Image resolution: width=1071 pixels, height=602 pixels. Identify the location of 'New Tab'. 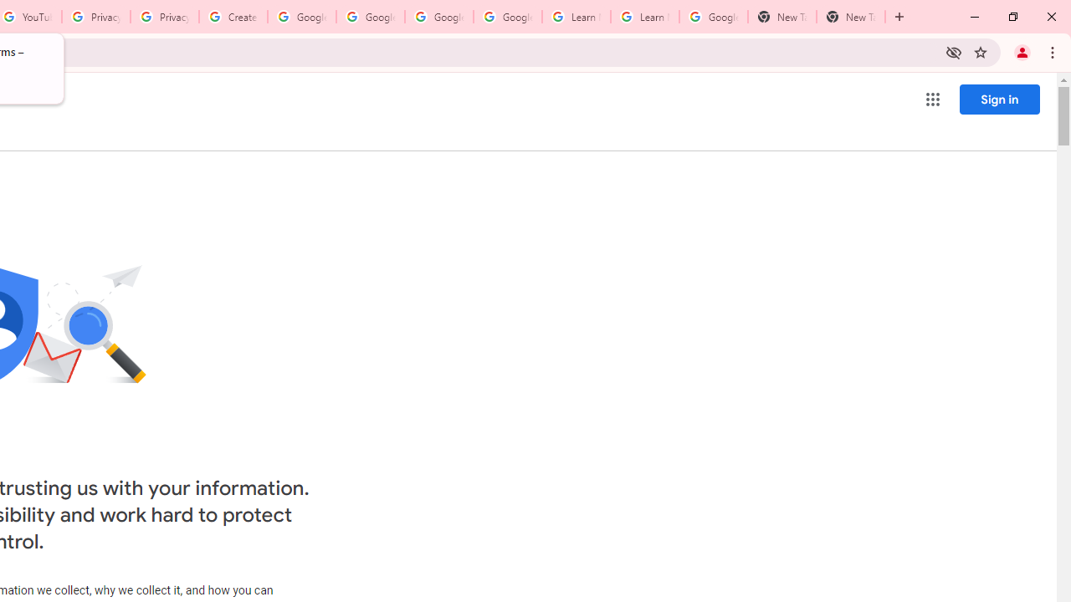
(781, 17).